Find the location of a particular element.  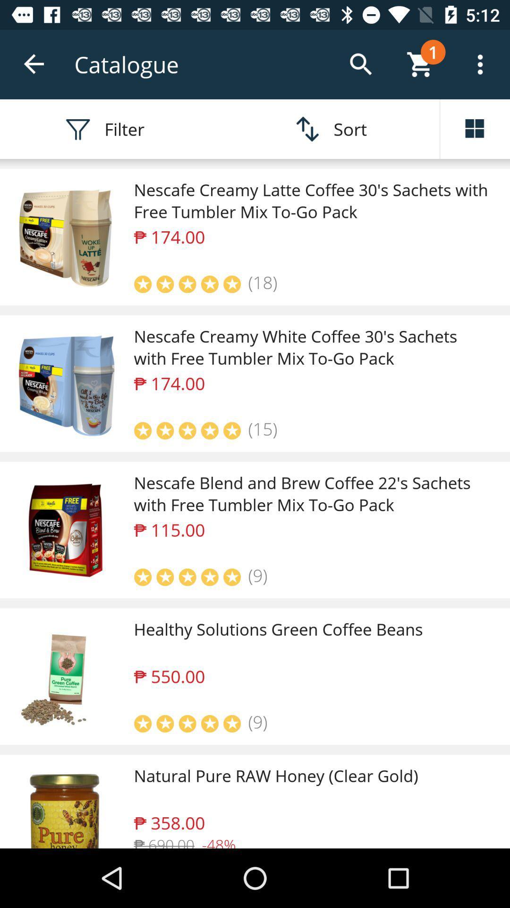

go back is located at coordinates (34, 64).